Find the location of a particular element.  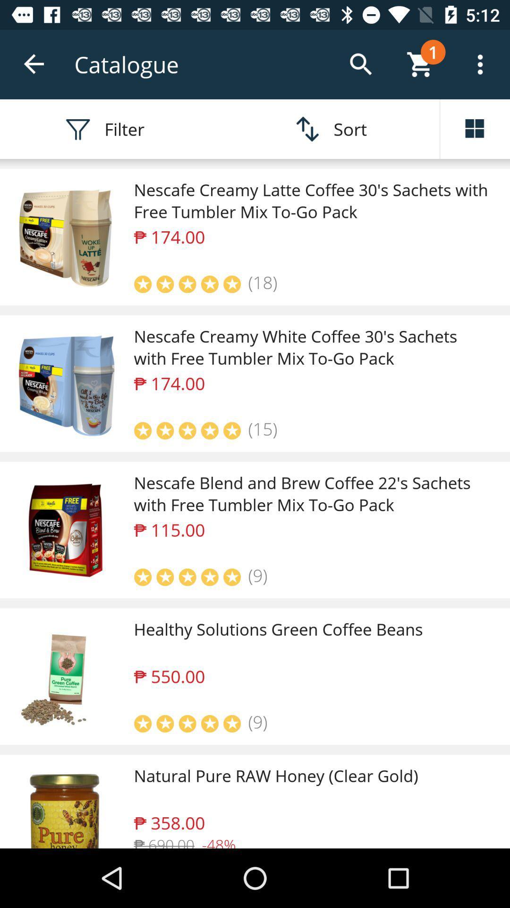

go back is located at coordinates (34, 64).